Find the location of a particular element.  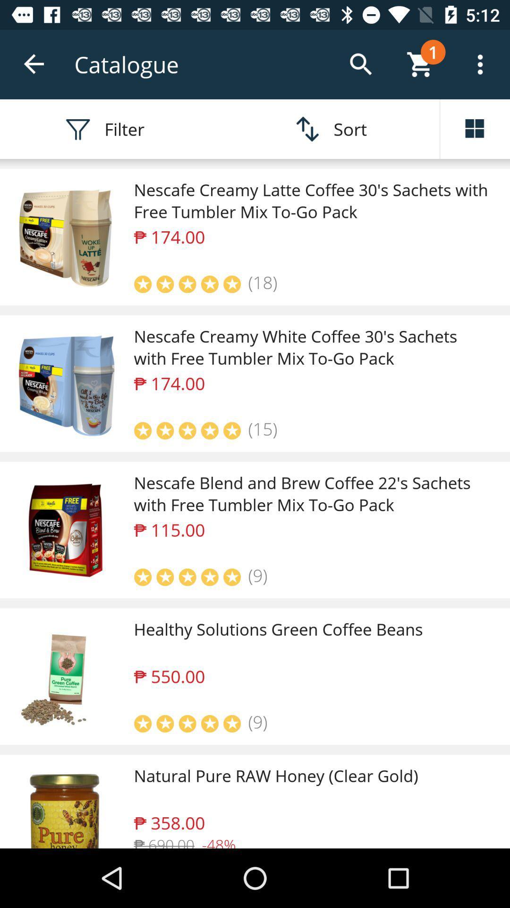

go back is located at coordinates (34, 64).